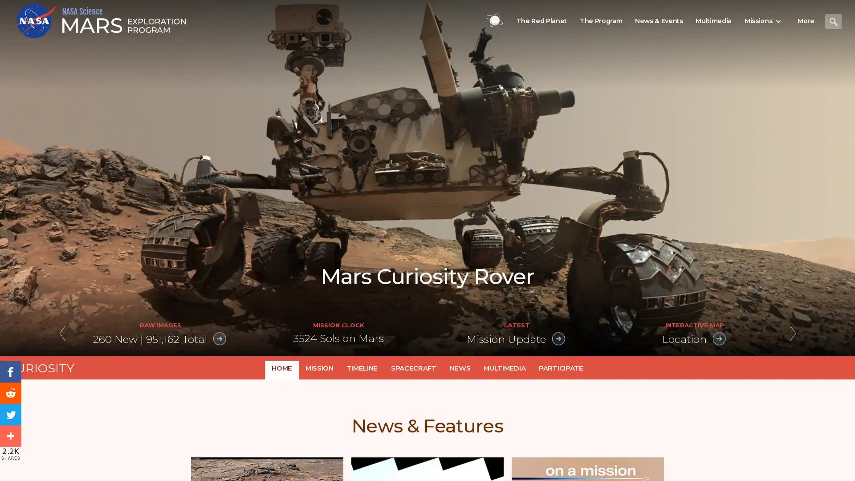 This screenshot has width=855, height=481. What do you see at coordinates (793, 334) in the screenshot?
I see `Next` at bounding box center [793, 334].